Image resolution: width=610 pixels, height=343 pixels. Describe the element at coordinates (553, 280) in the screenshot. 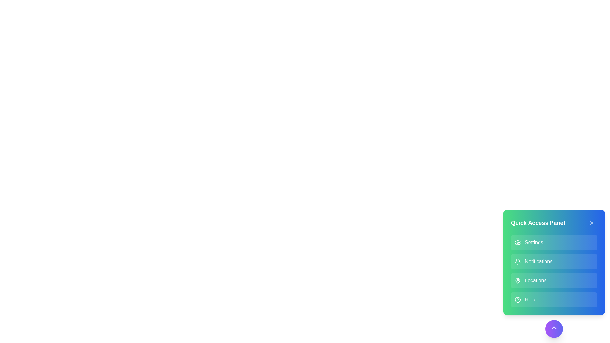

I see `the 'Locations' button, which is the third button in the vertical list of buttons in the 'Quick Access Panel', located below the 'Notifications' button and above the 'Help' button` at that location.